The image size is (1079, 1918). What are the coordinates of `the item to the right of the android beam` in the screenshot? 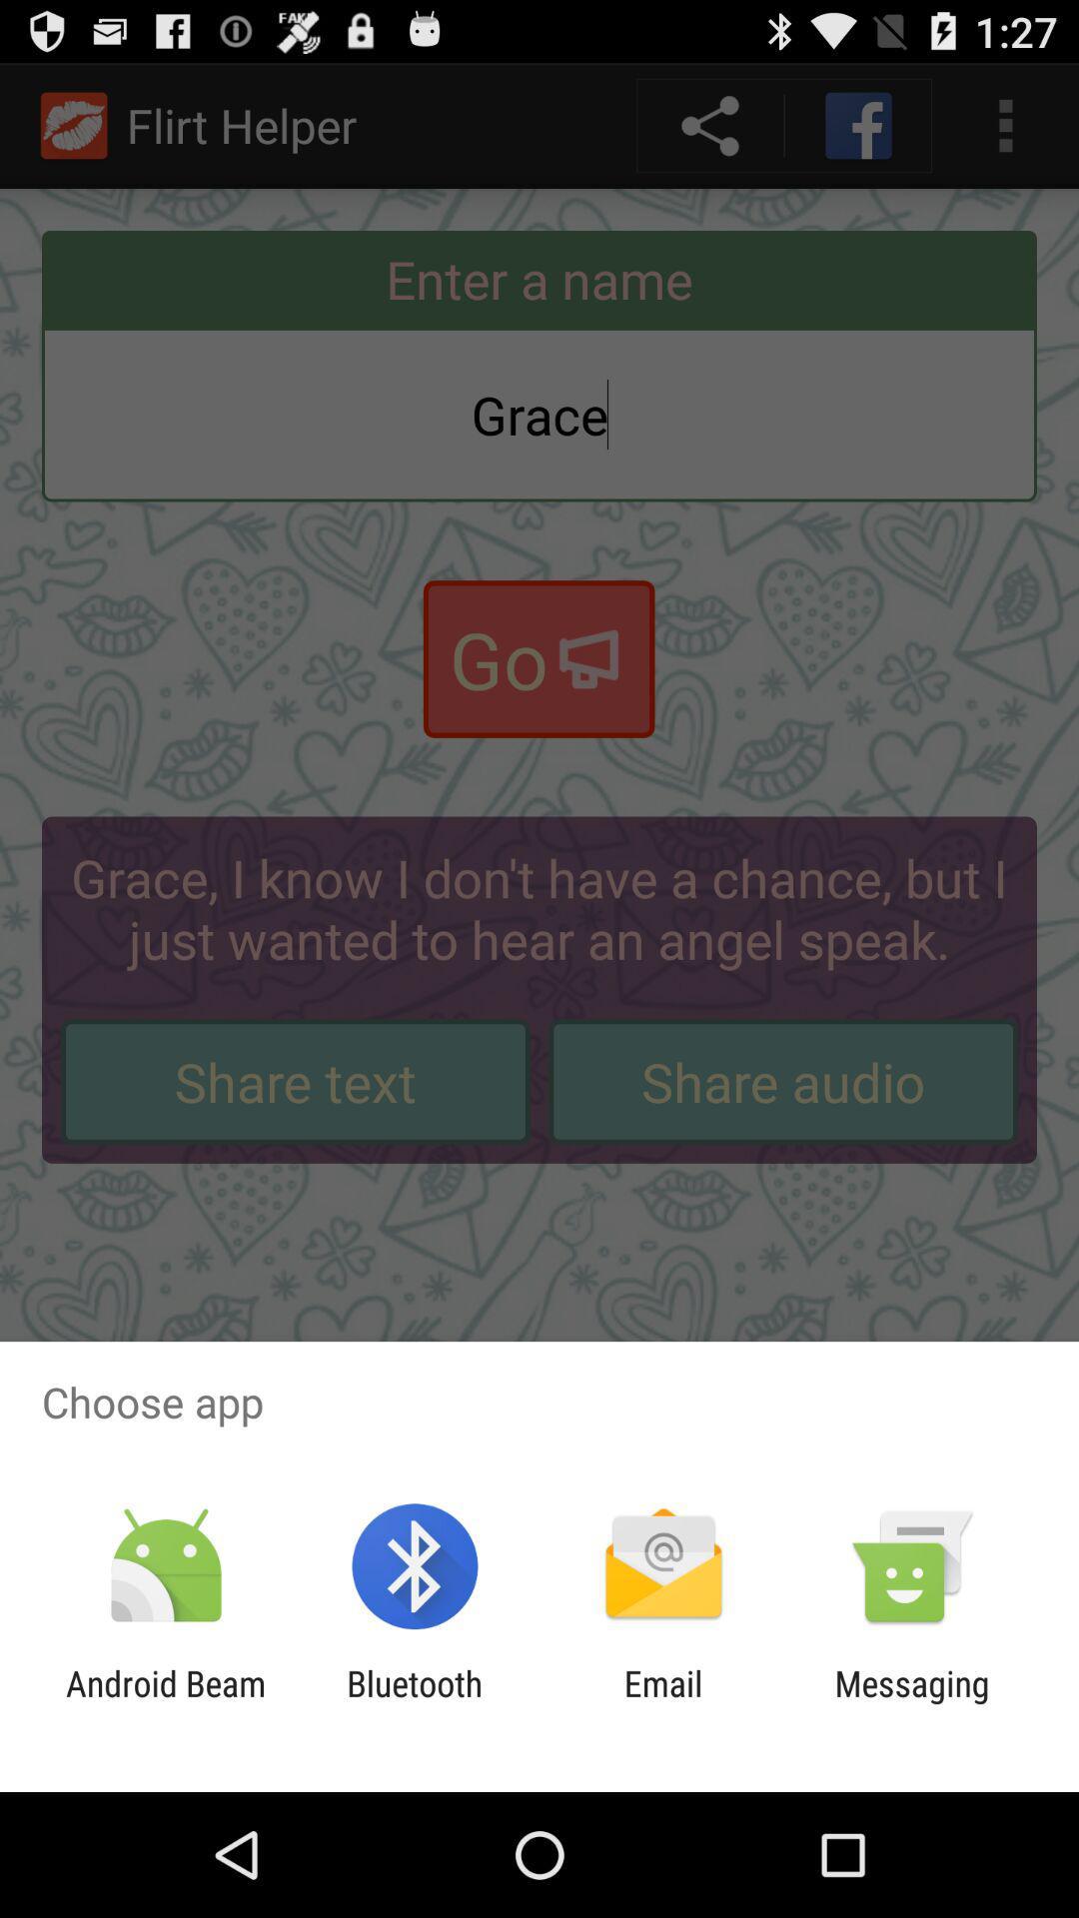 It's located at (414, 1703).